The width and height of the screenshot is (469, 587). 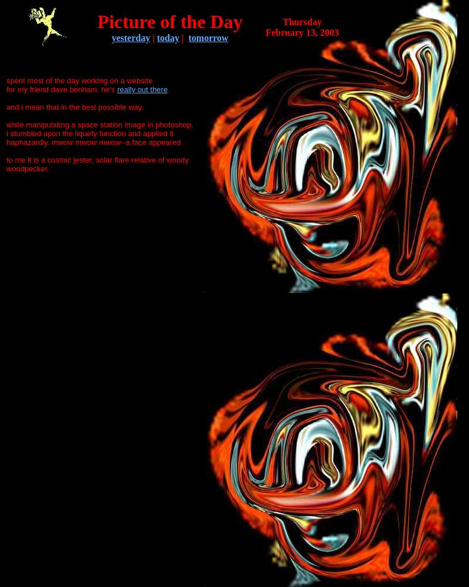 What do you see at coordinates (151, 141) in the screenshot?
I see `'--a
                              face appeared.'` at bounding box center [151, 141].